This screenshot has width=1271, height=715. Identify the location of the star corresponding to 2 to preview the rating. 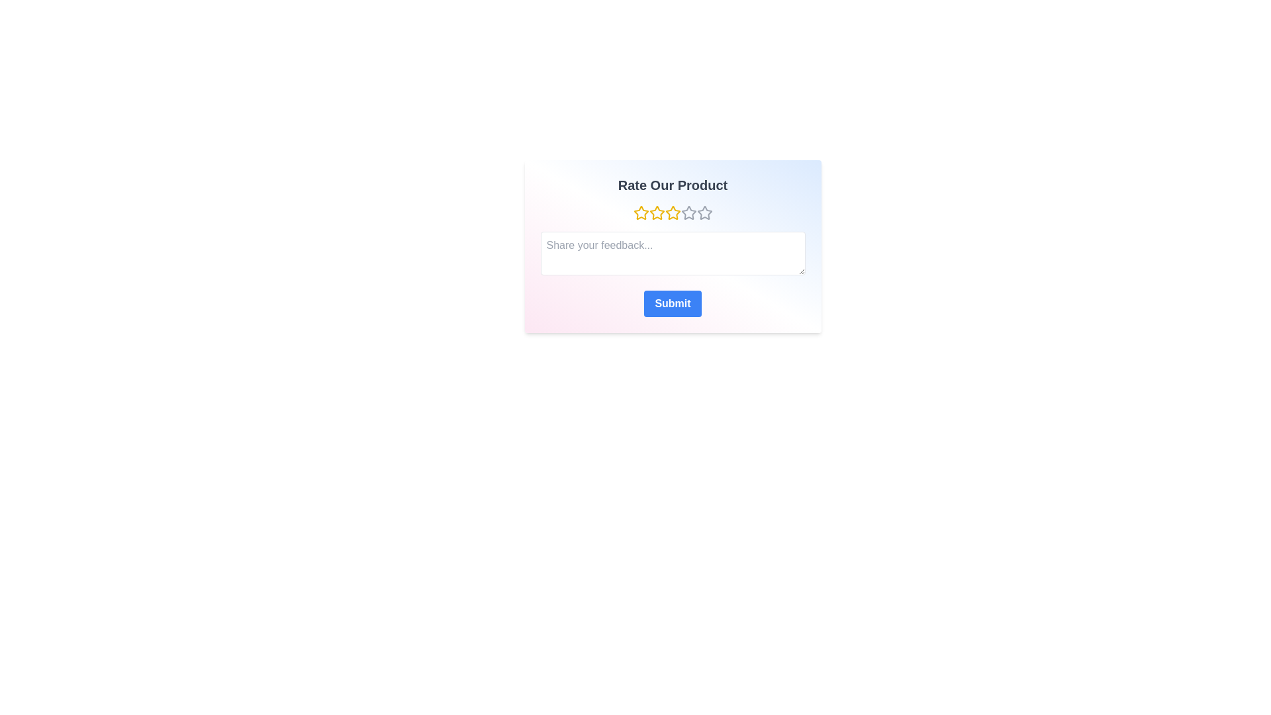
(657, 212).